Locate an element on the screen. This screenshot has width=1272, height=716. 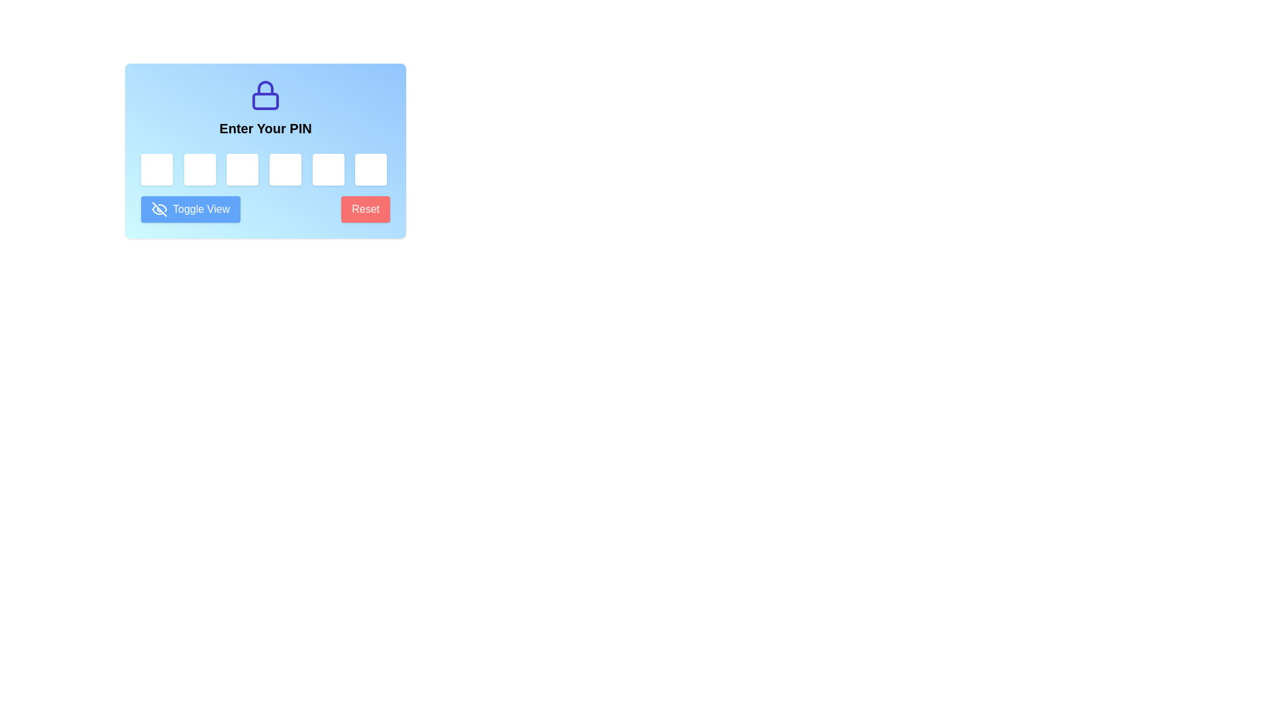
the first text input field for PIN entry by pressing Tab or Shift+Tab is located at coordinates (156, 168).